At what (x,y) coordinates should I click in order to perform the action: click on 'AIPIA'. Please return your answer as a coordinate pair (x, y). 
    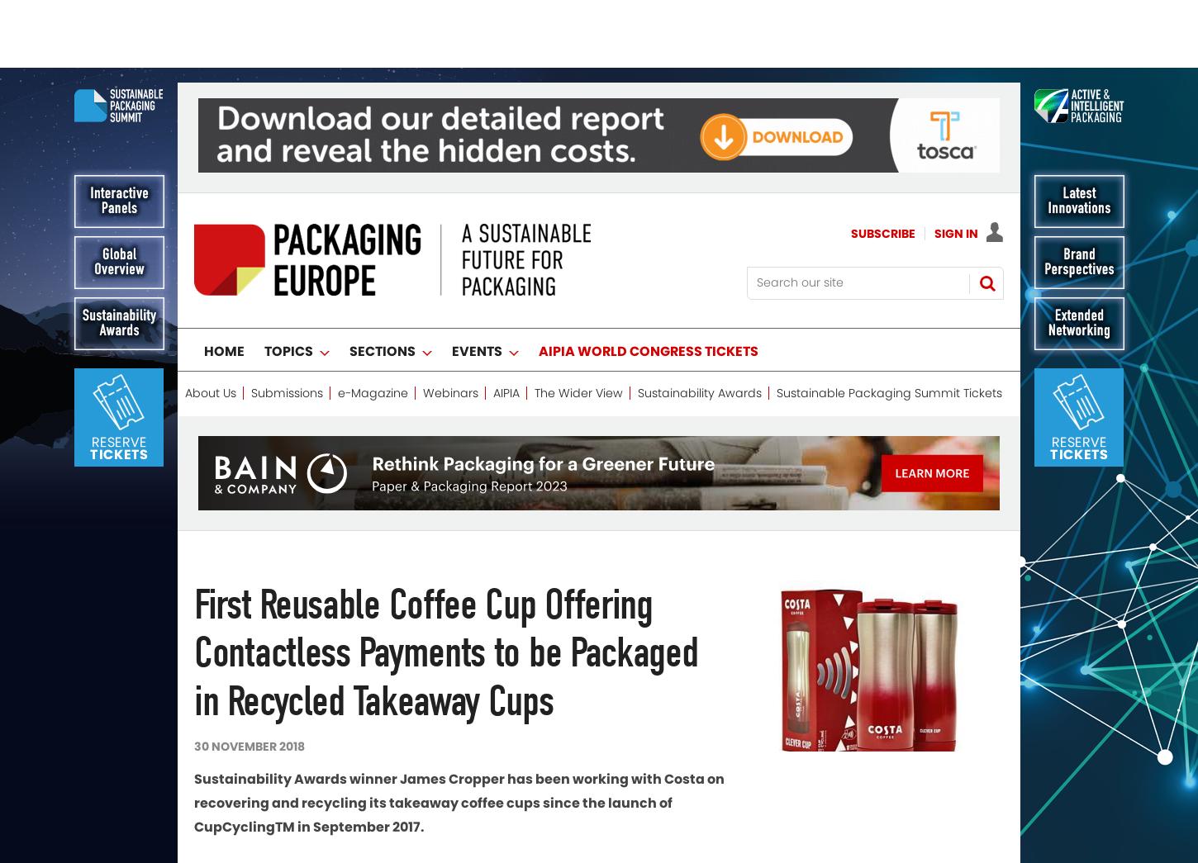
    Looking at the image, I should click on (506, 324).